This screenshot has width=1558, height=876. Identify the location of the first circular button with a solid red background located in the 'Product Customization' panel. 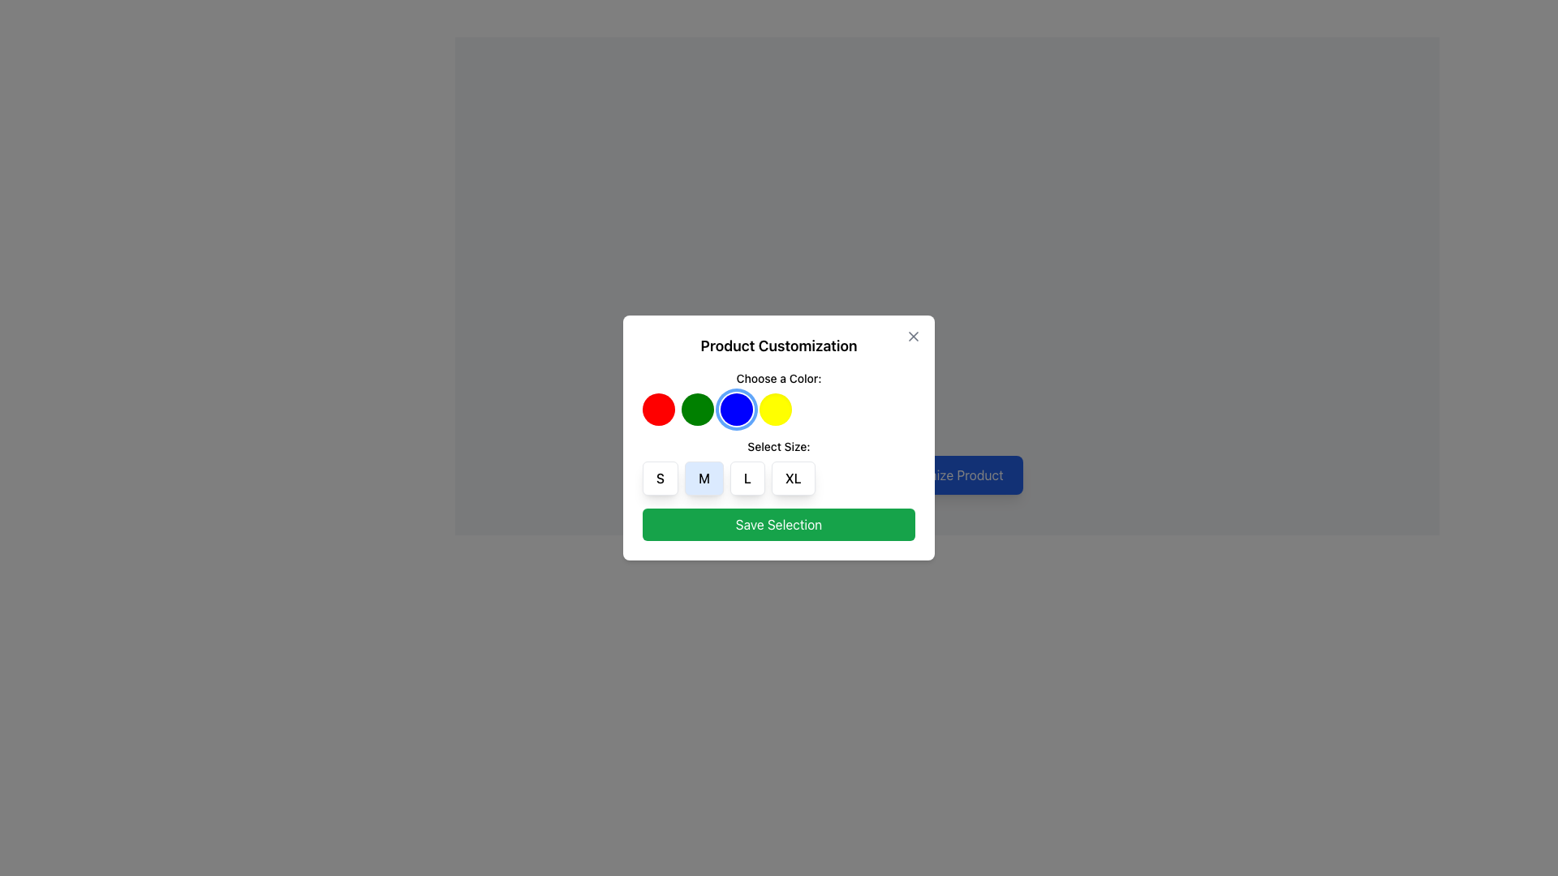
(658, 409).